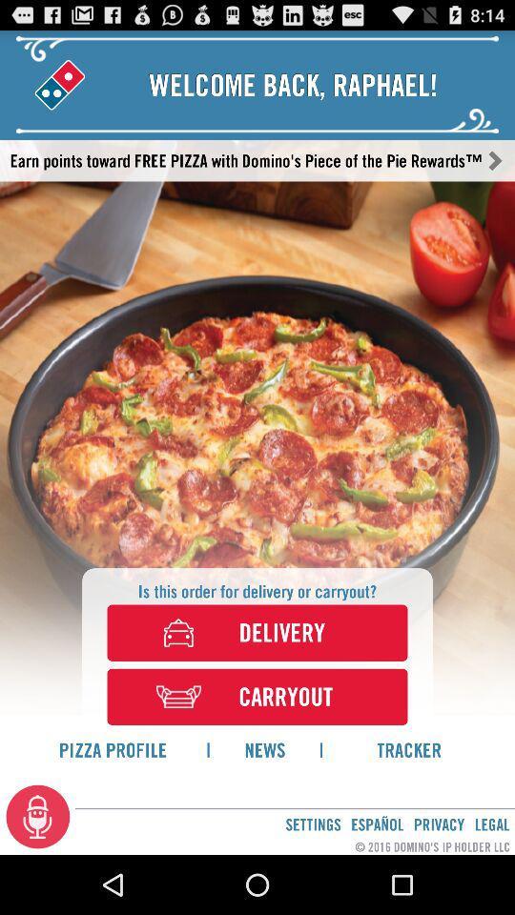  I want to click on the microphone icon, so click(38, 874).